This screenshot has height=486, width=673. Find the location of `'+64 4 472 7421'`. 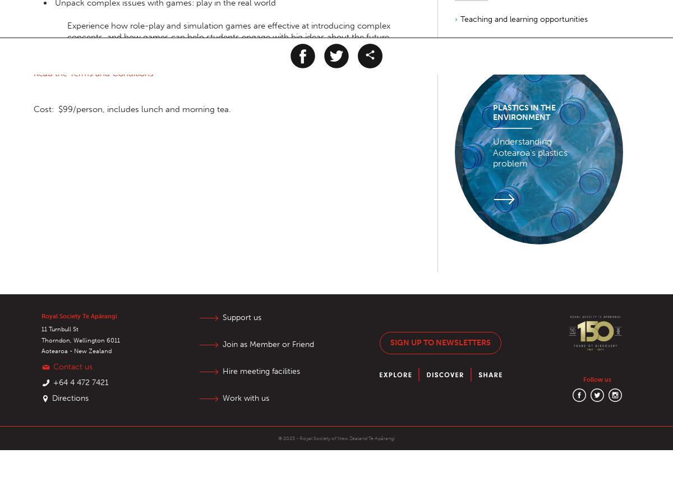

'+64 4 472 7421' is located at coordinates (53, 382).